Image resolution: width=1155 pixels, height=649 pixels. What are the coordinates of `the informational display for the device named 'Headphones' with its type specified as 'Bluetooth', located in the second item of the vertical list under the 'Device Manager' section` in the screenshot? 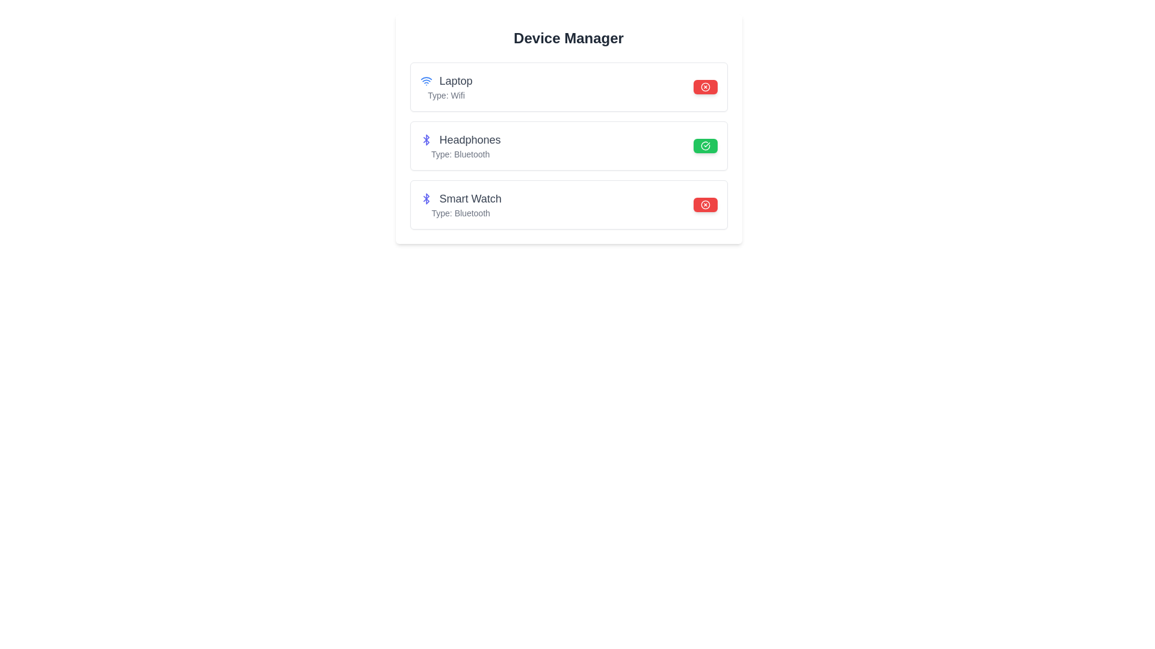 It's located at (460, 145).